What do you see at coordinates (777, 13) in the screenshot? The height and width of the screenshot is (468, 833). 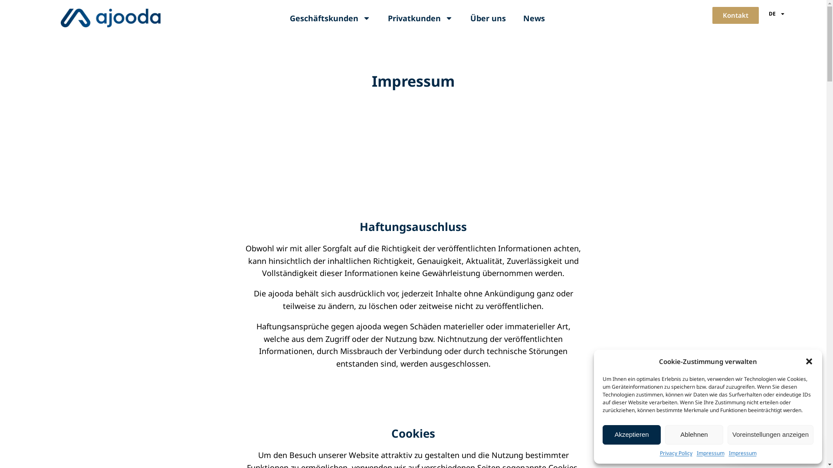 I see `'DE'` at bounding box center [777, 13].